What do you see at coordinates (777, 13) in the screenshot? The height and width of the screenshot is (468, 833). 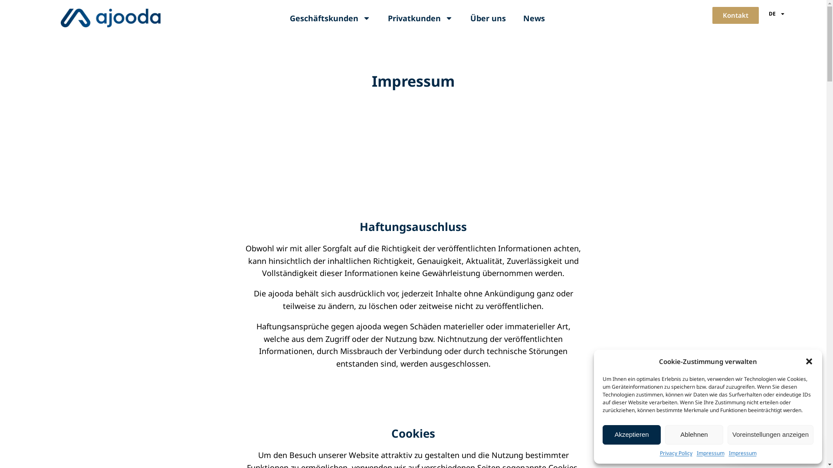 I see `'DE'` at bounding box center [777, 13].